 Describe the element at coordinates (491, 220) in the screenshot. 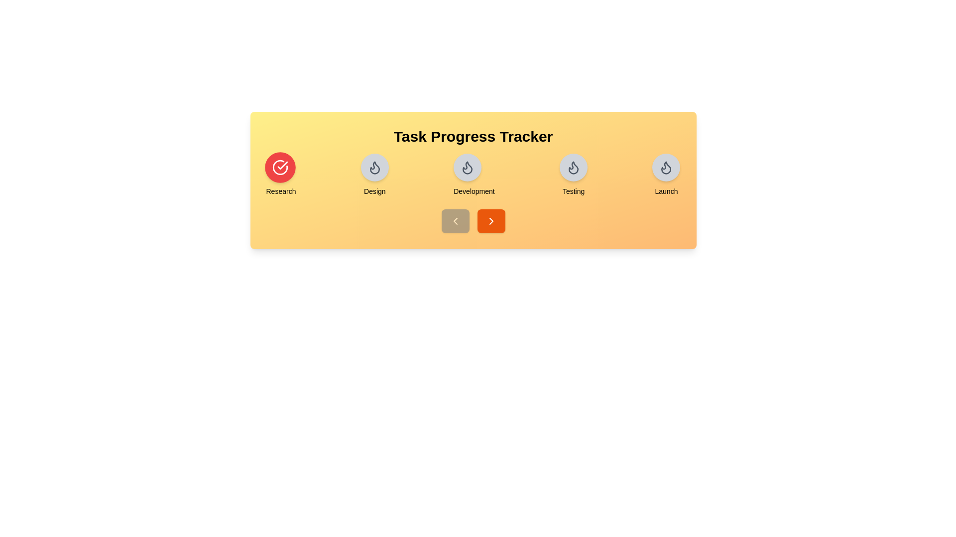

I see `the rightward-pointing chevron icon within the navigation button to observe potential hover effects` at that location.